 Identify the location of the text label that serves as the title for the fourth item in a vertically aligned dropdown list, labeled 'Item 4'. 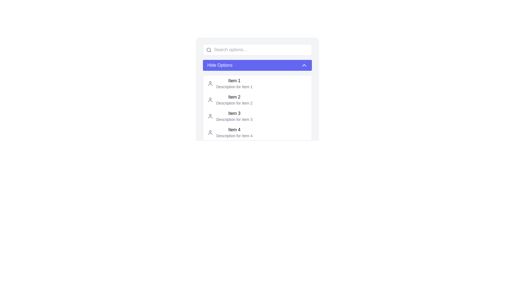
(234, 130).